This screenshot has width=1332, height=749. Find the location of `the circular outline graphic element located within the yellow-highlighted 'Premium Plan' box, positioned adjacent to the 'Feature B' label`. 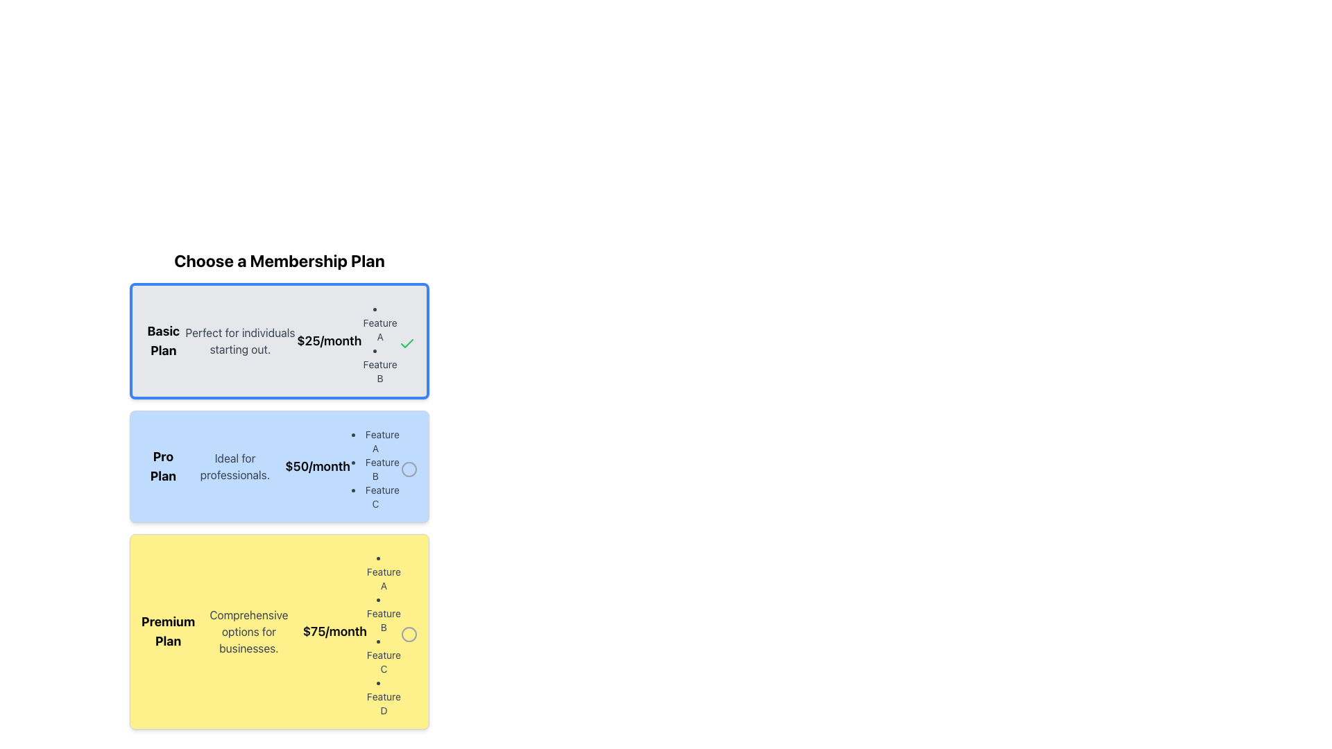

the circular outline graphic element located within the yellow-highlighted 'Premium Plan' box, positioned adjacent to the 'Feature B' label is located at coordinates (409, 634).